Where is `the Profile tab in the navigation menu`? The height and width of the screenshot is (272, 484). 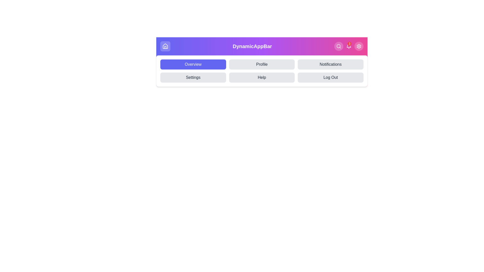
the Profile tab in the navigation menu is located at coordinates (262, 64).